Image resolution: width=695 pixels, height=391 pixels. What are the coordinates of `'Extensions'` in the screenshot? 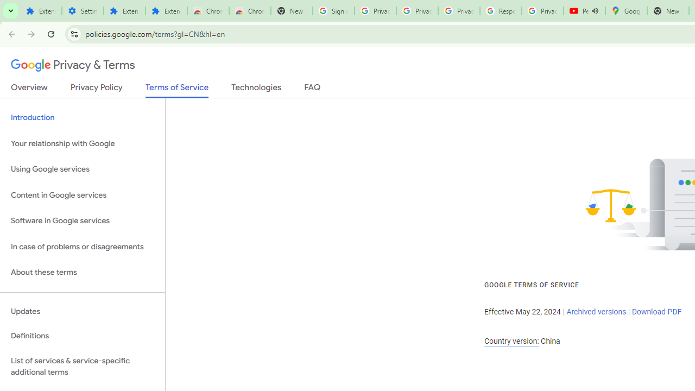 It's located at (166, 11).